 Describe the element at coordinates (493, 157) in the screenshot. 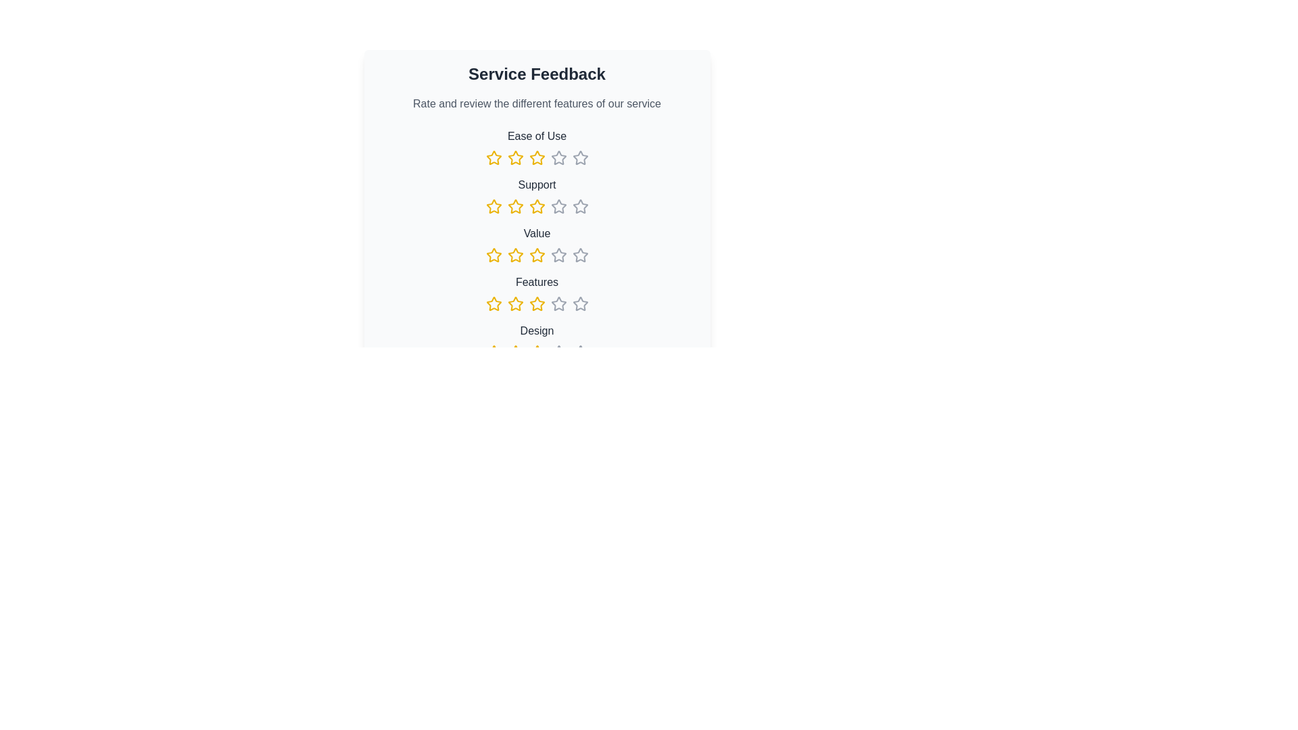

I see `the first rating star button under the 'Ease of Use' category to indicate a one-star rating` at that location.